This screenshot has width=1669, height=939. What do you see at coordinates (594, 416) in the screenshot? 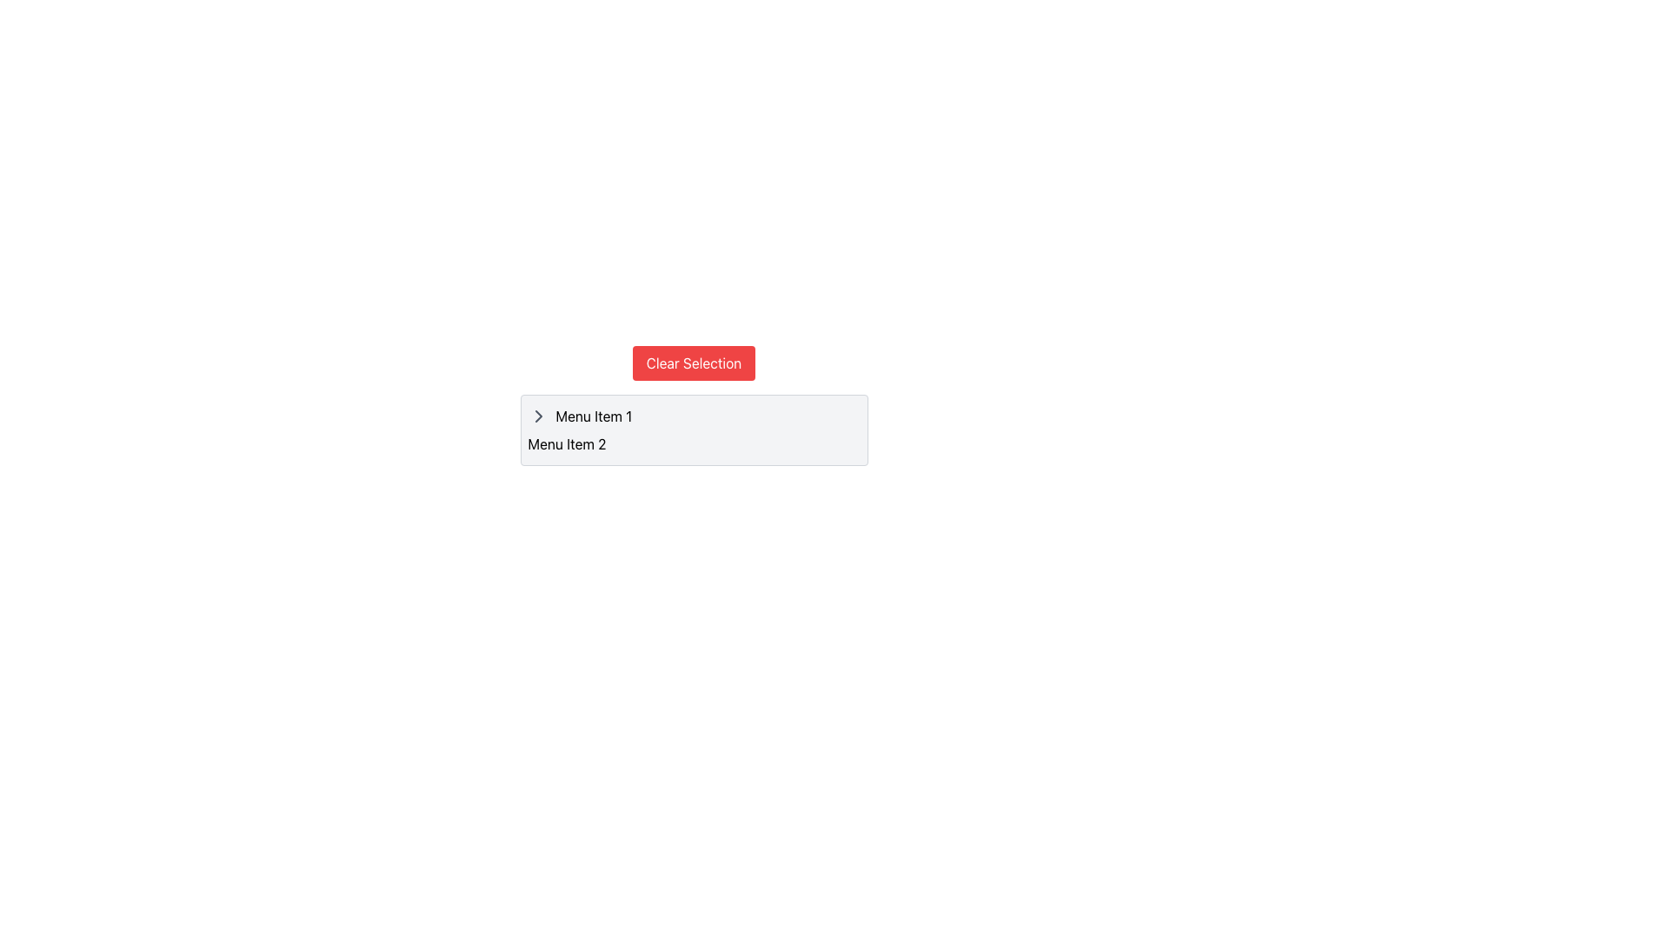
I see `the 'Menu Item 1' text label` at bounding box center [594, 416].